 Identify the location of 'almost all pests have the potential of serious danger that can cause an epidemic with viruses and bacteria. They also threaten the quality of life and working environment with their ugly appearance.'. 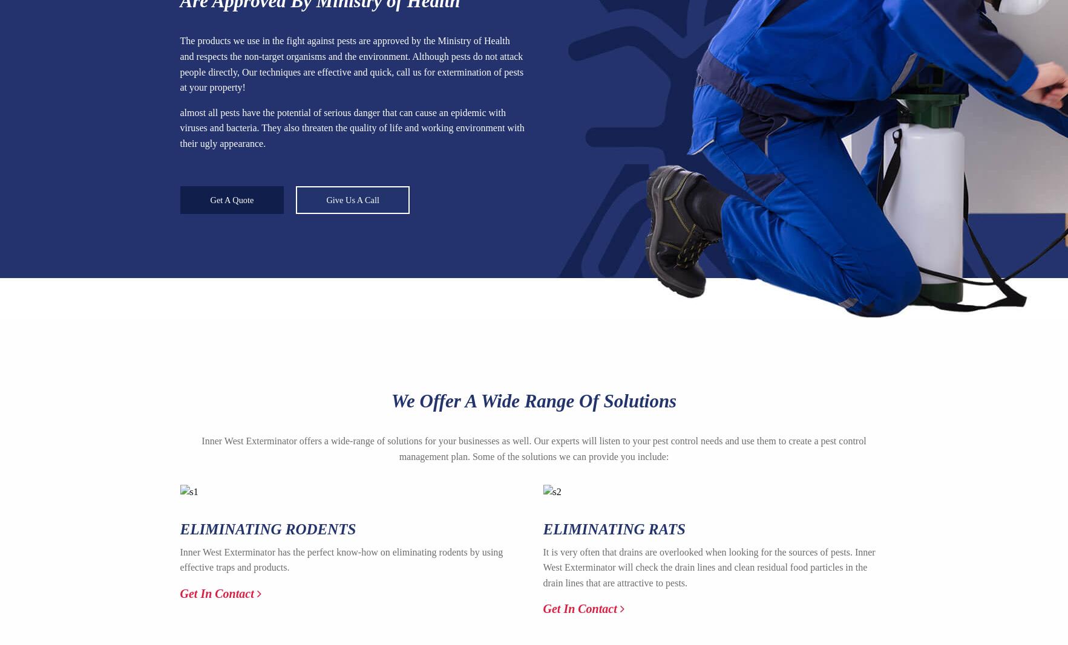
(351, 128).